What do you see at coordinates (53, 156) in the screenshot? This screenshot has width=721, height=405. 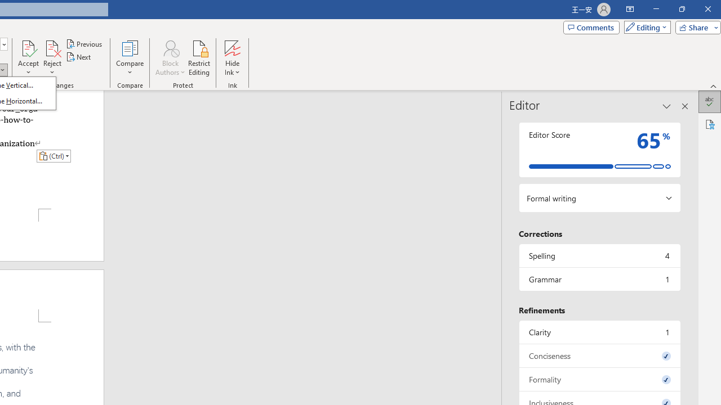 I see `'Action: Paste alternatives'` at bounding box center [53, 156].